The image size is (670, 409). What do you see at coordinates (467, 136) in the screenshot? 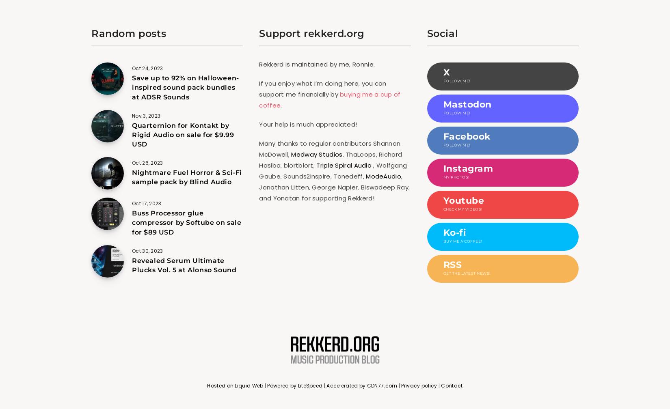
I see `'Facebook'` at bounding box center [467, 136].